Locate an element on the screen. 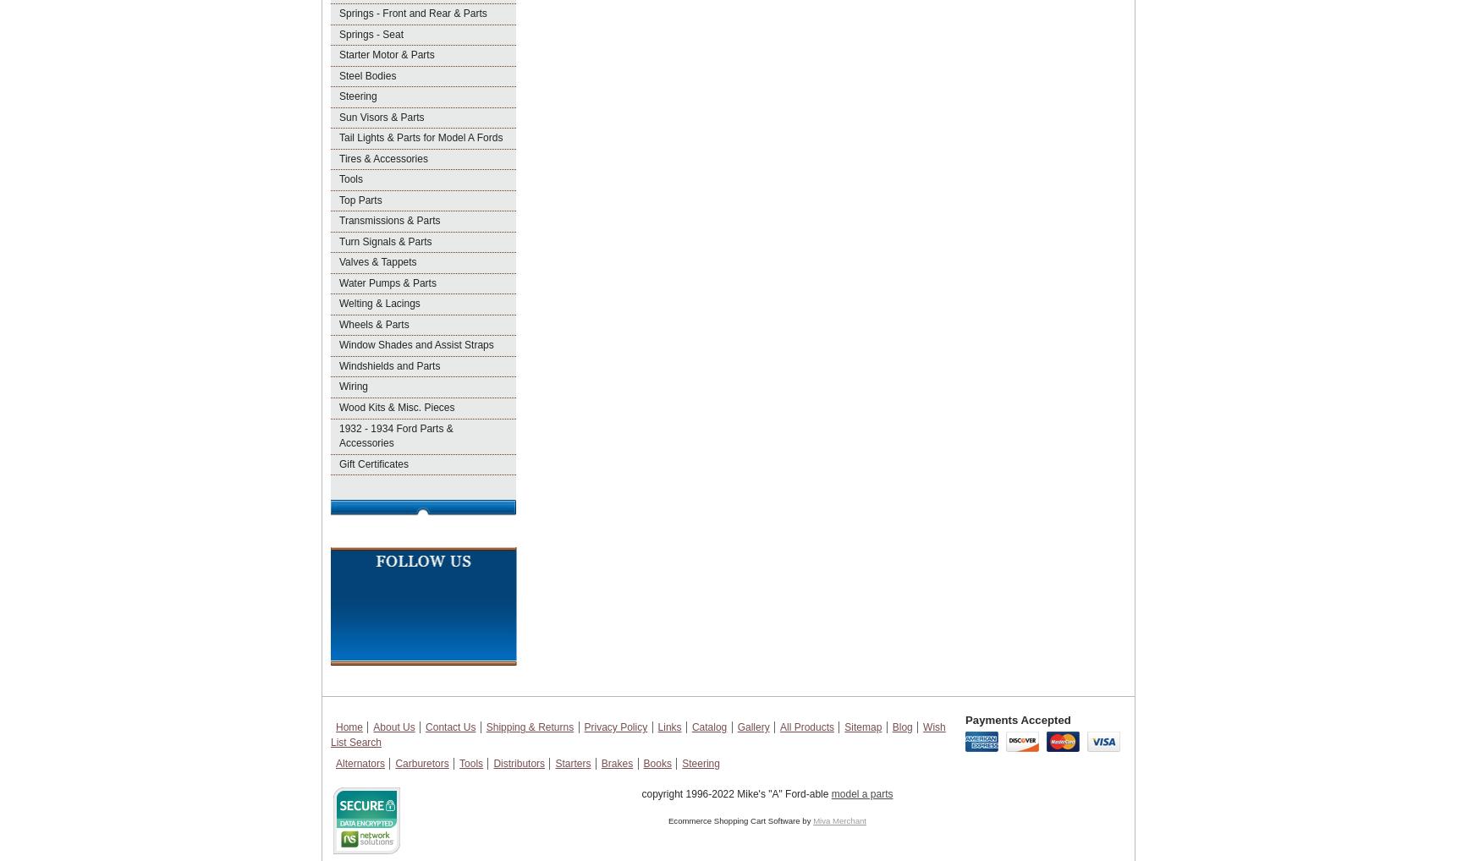  'Wiring' is located at coordinates (353, 385).